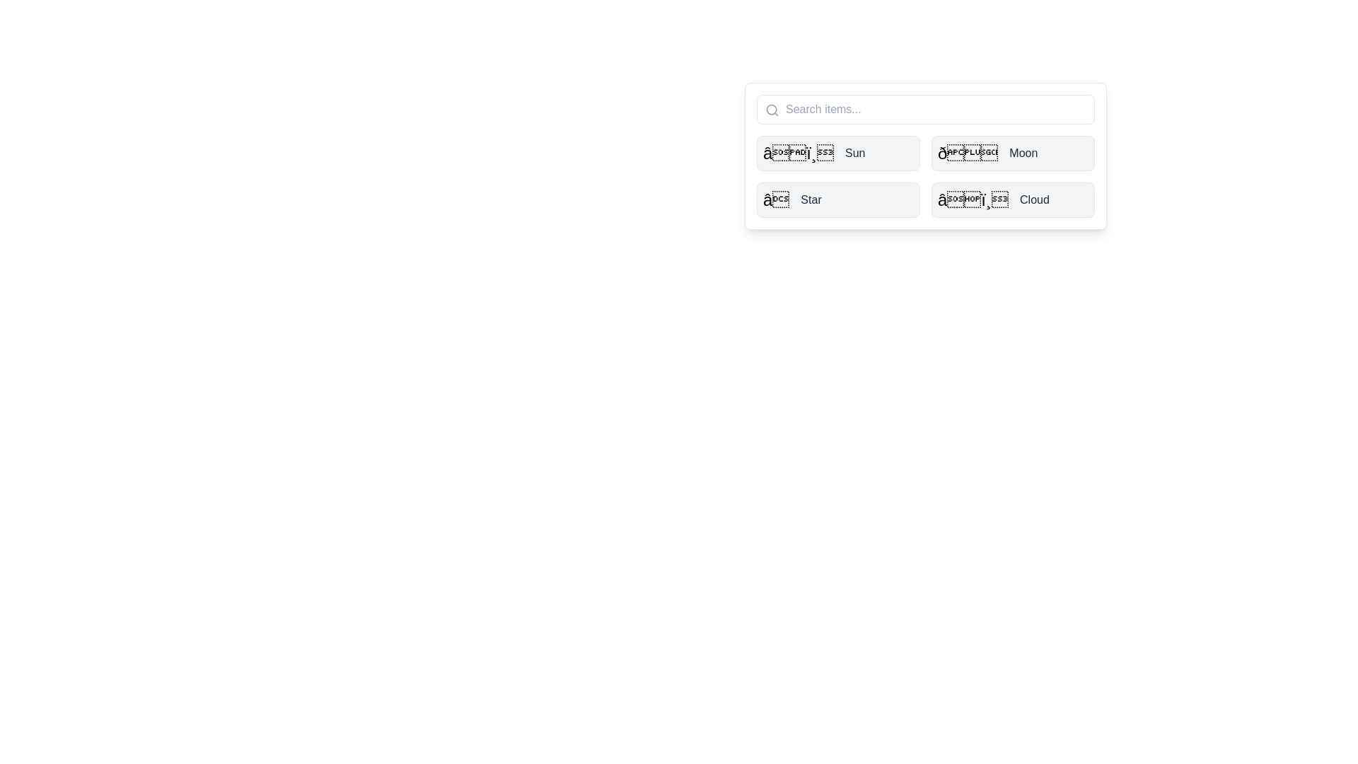  I want to click on the selectable item in the top-right section of the grid, which is the second element in the first row, so click(1012, 153).